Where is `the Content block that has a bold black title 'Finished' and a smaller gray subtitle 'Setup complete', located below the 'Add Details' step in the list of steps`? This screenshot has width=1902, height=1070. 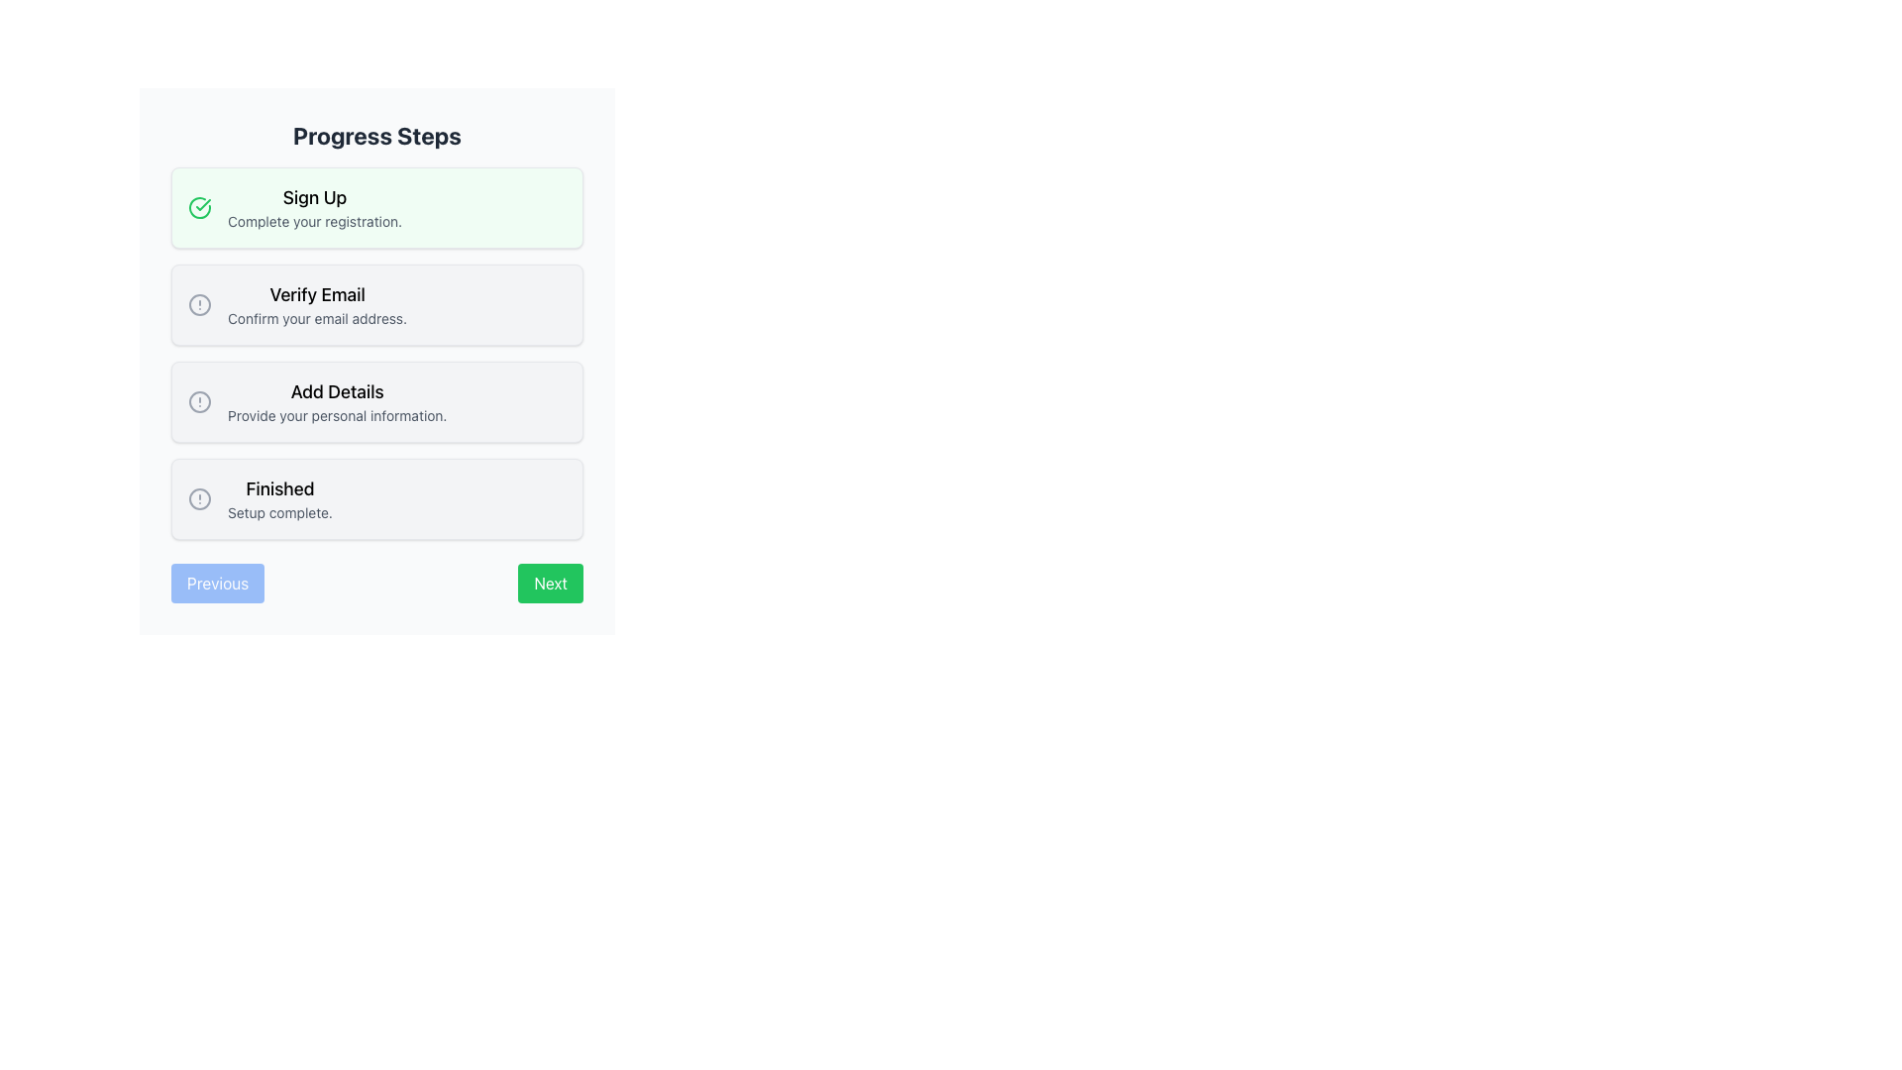
the Content block that has a bold black title 'Finished' and a smaller gray subtitle 'Setup complete', located below the 'Add Details' step in the list of steps is located at coordinates (376, 498).